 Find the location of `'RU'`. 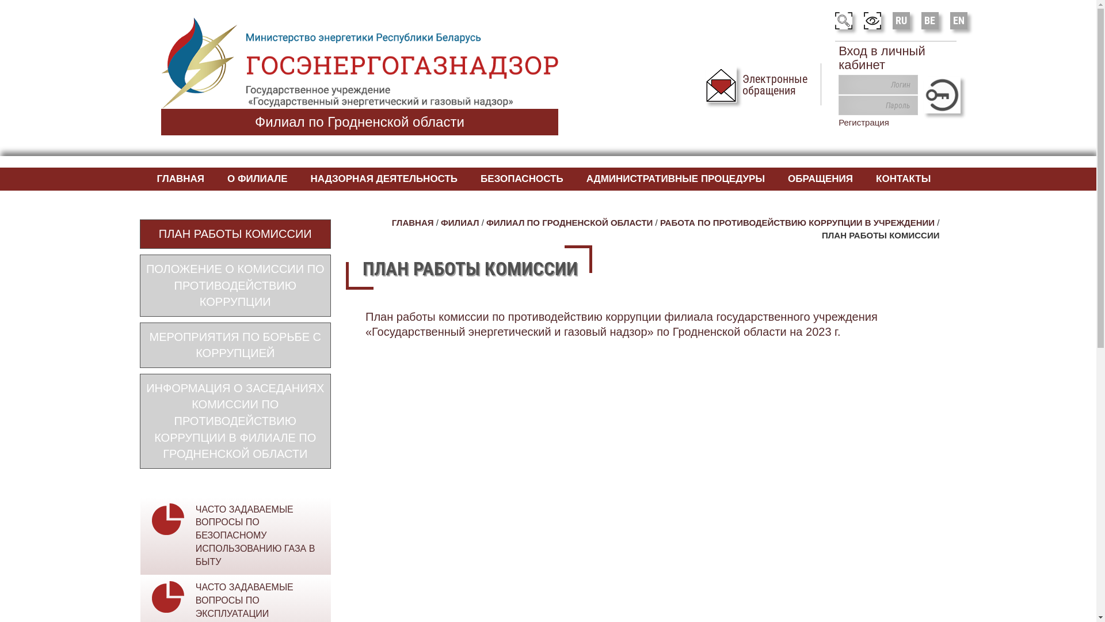

'RU' is located at coordinates (900, 20).